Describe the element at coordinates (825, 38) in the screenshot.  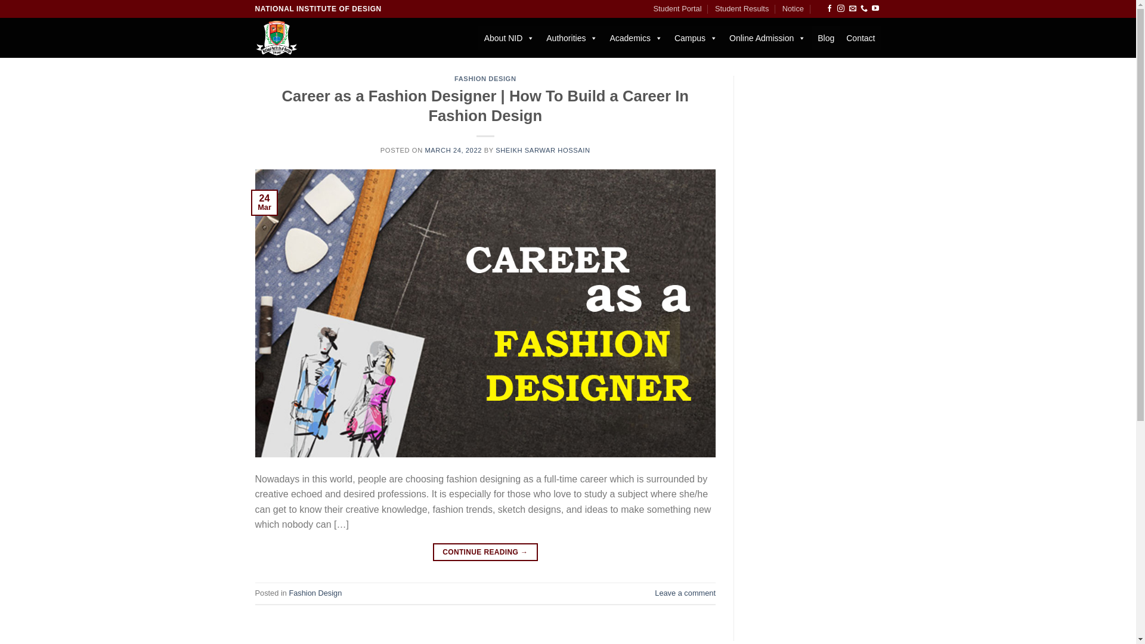
I see `'Blog'` at that location.